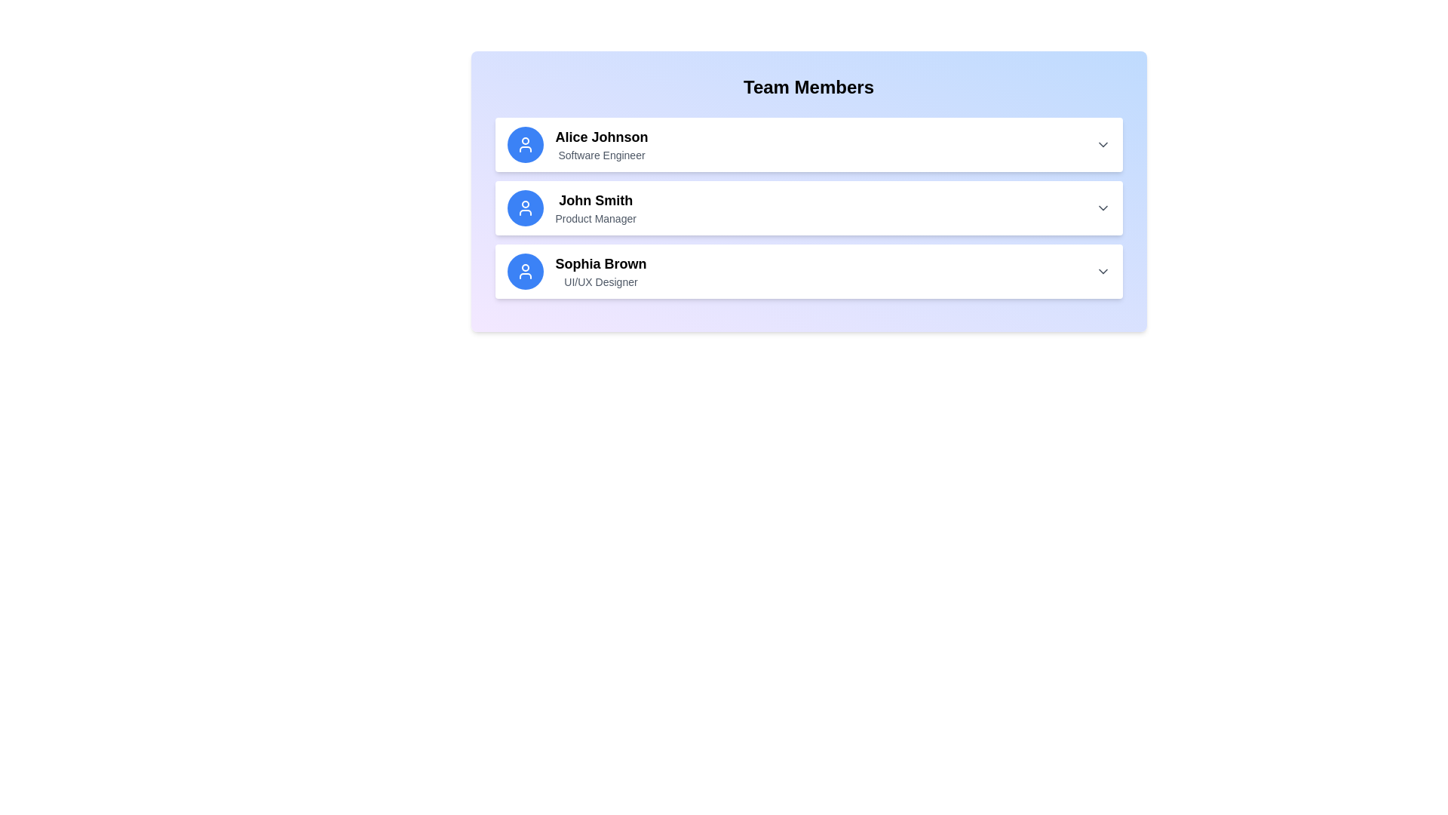 Image resolution: width=1448 pixels, height=815 pixels. Describe the element at coordinates (808, 145) in the screenshot. I see `the arrow at the far right of the profile details for 'Alice Johnson'` at that location.